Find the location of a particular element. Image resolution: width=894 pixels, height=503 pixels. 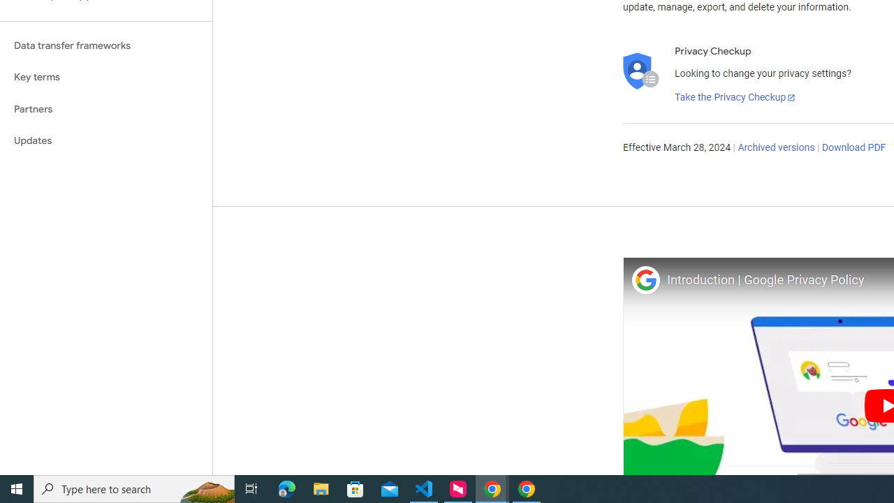

'Partners' is located at coordinates (105, 108).